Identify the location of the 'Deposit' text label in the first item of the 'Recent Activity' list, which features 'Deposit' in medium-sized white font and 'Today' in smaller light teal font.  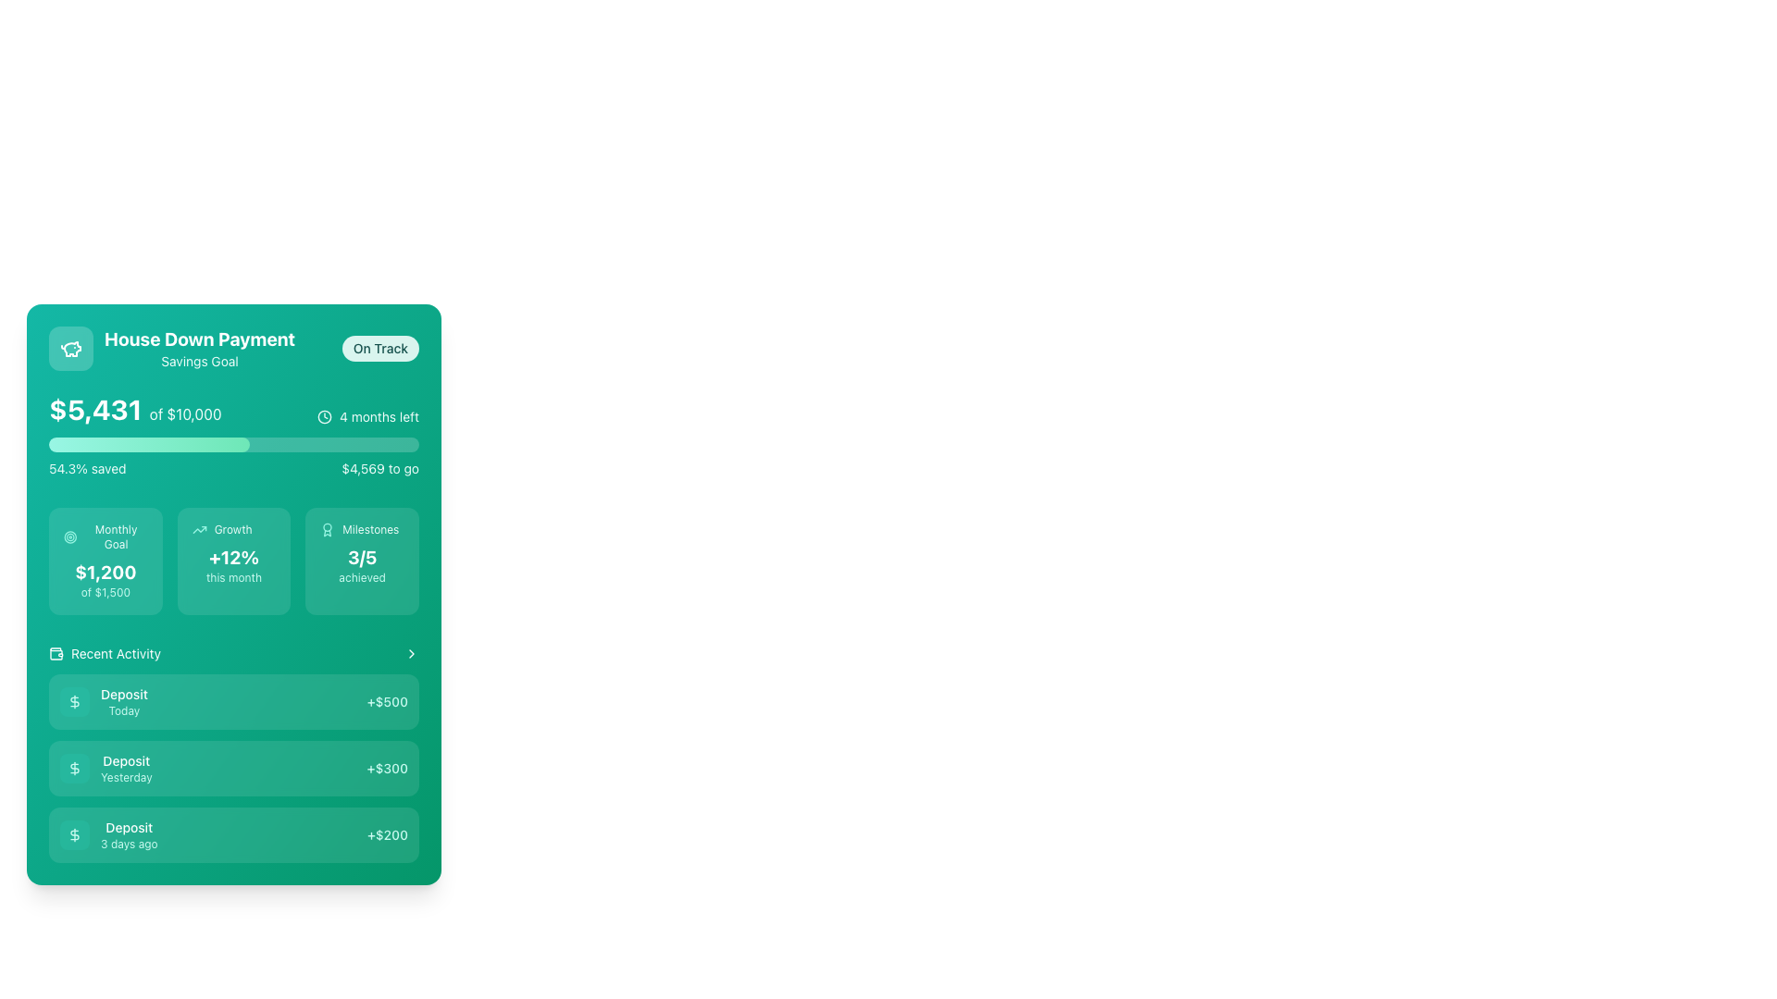
(103, 702).